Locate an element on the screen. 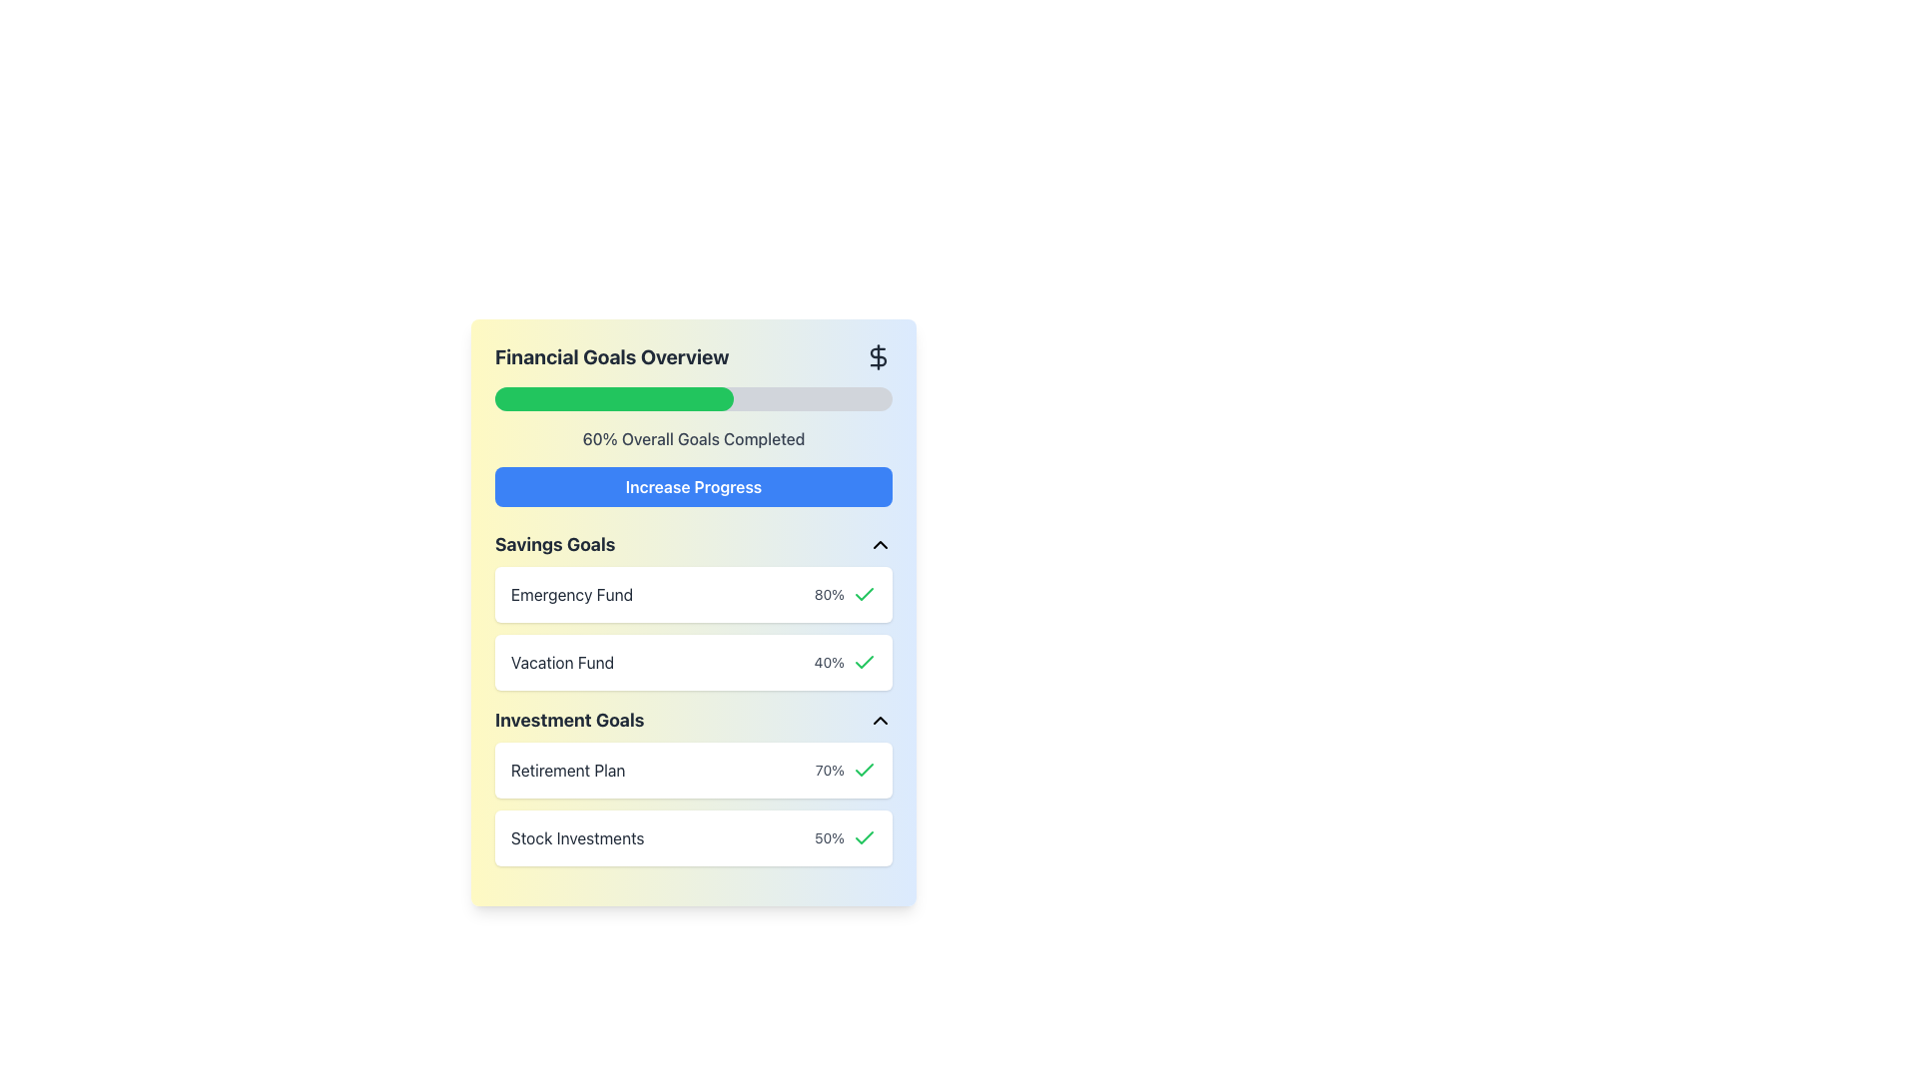 The width and height of the screenshot is (1917, 1078). the progress percentage text label (80%) for the 'Emergency Fund' savings goal, located in the first row under 'Savings Goals', to the right of the 'Emergency Fund' label is located at coordinates (829, 594).